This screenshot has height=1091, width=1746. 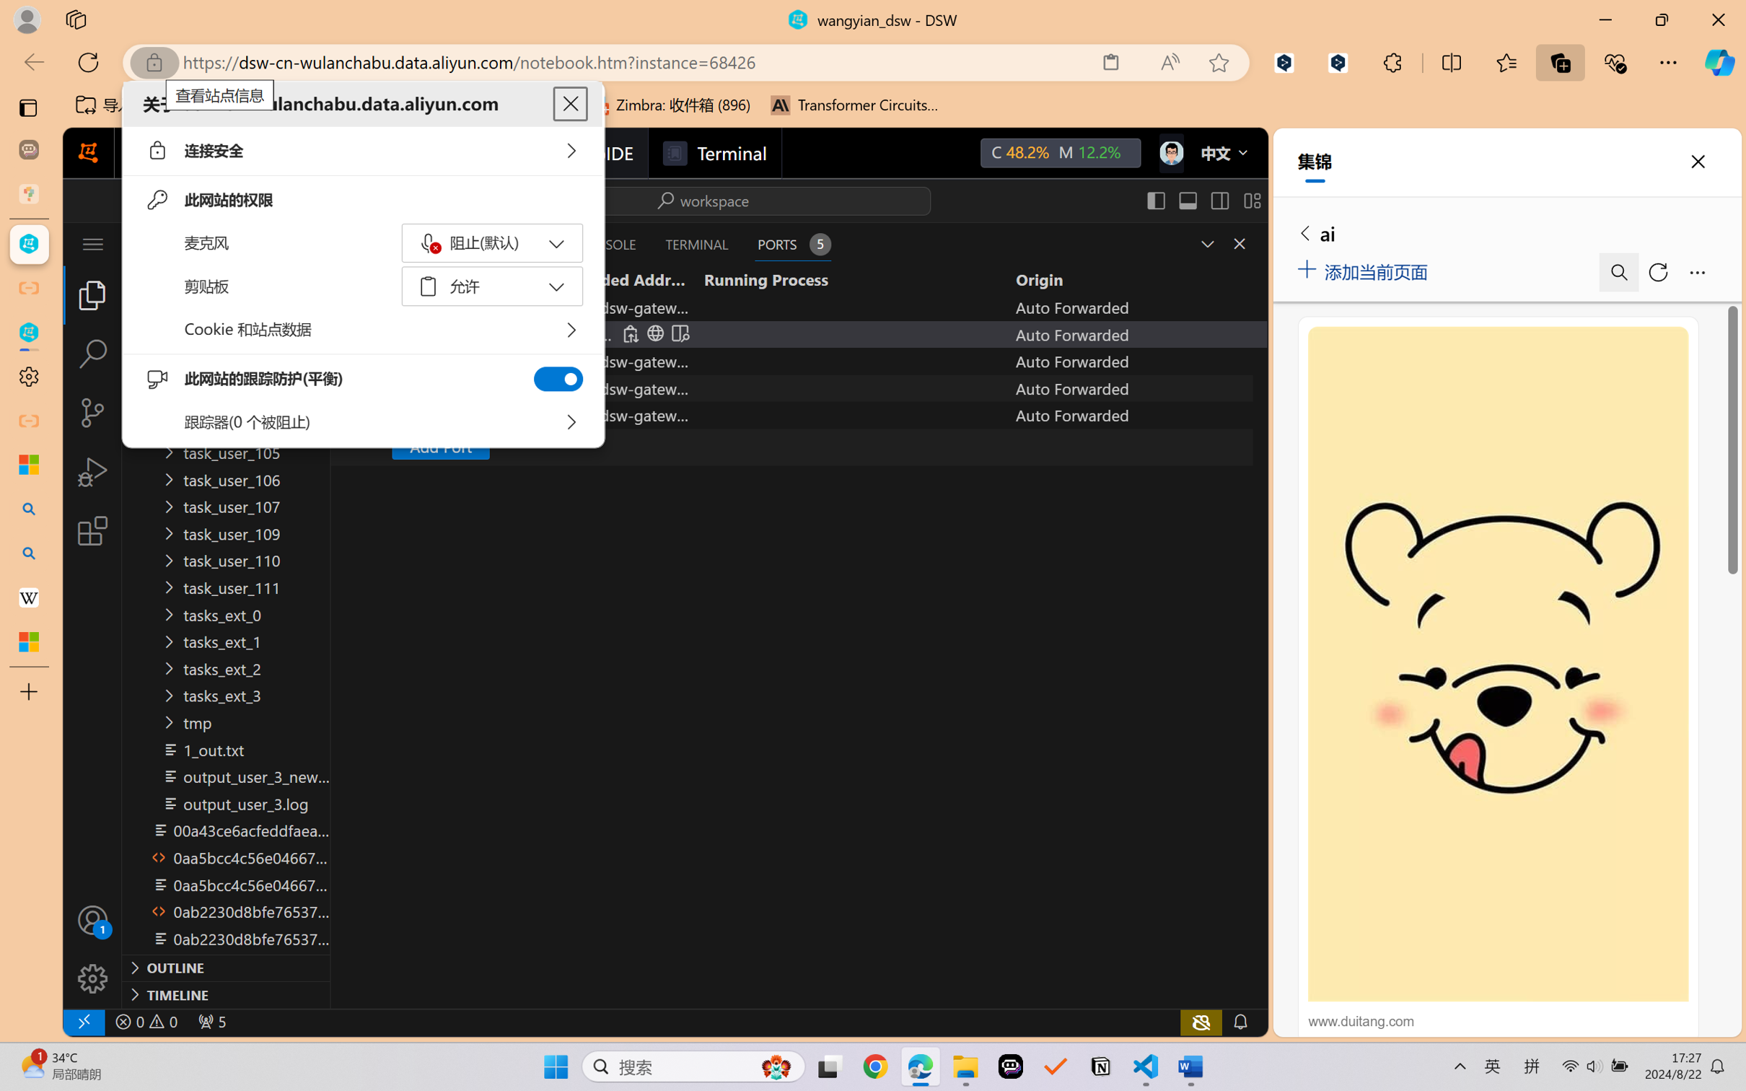 What do you see at coordinates (1170, 152) in the screenshot?
I see `'Class: next-menu next-hoz widgets--iconMenu--BFkiHRM'` at bounding box center [1170, 152].